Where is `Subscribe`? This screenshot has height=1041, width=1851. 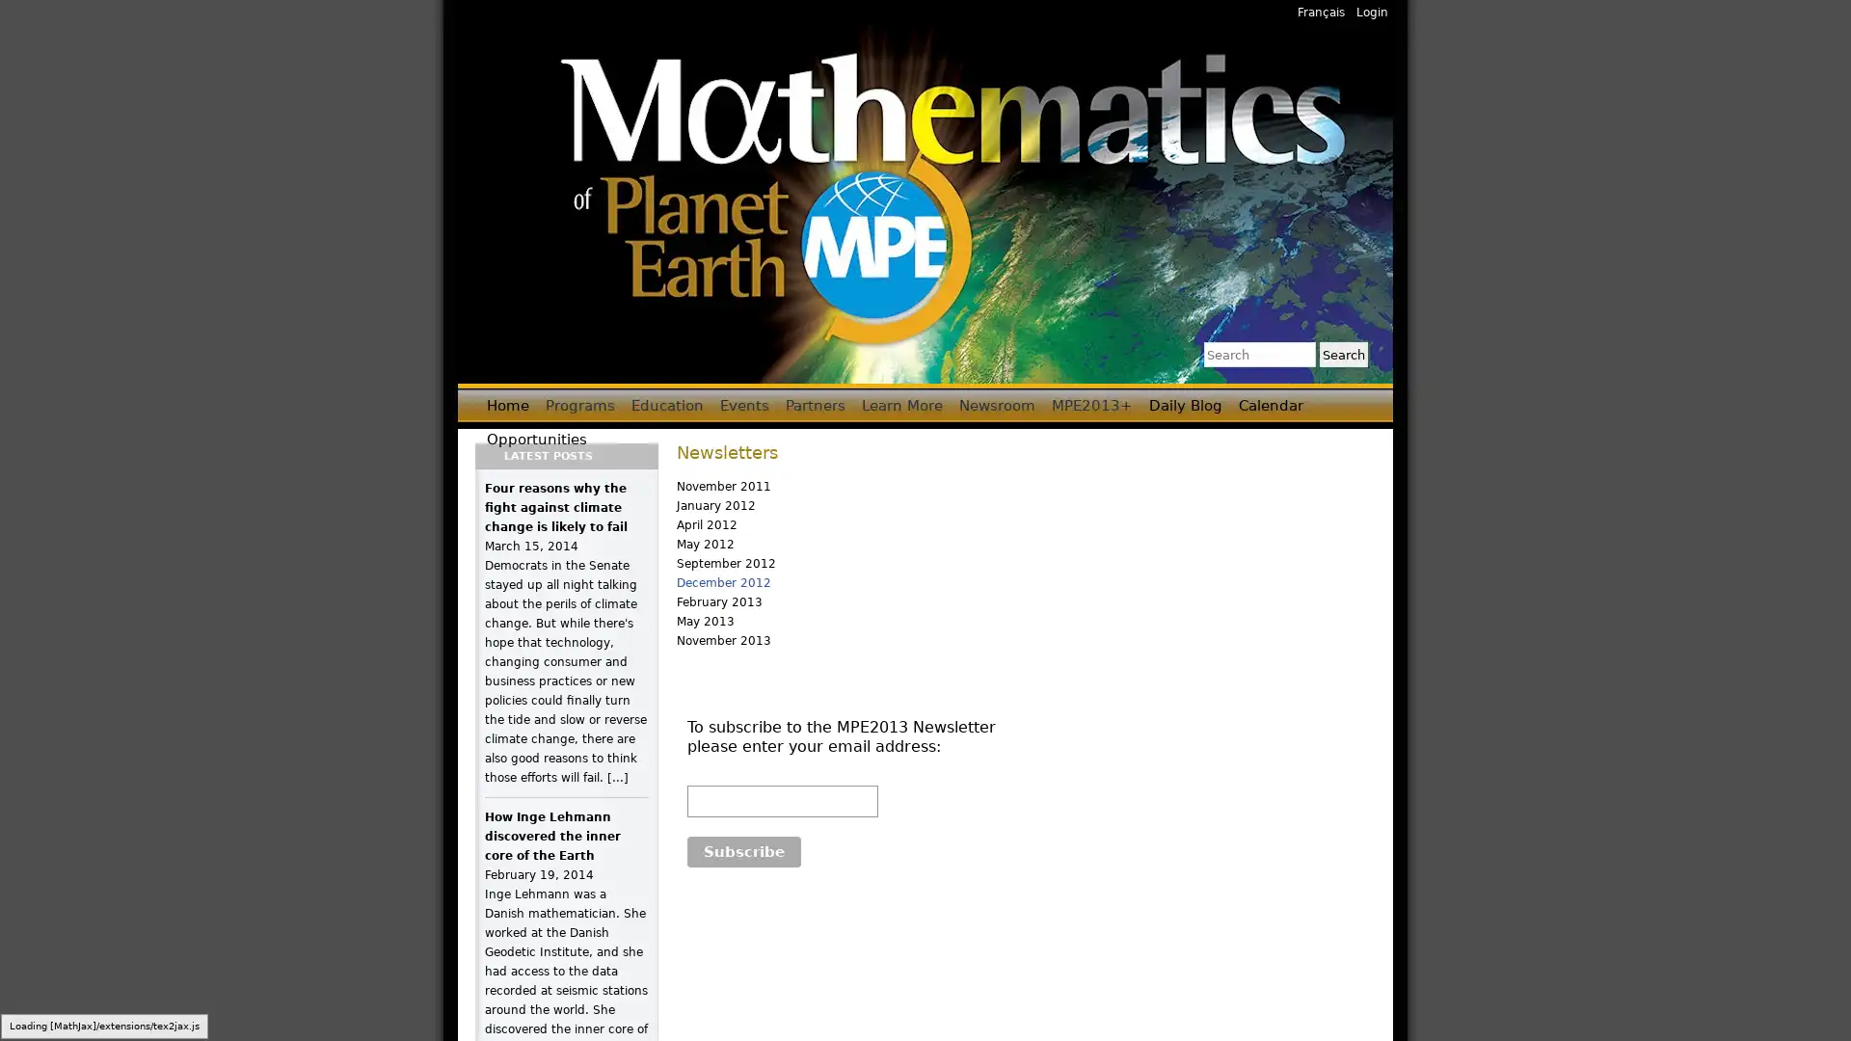
Subscribe is located at coordinates (742, 850).